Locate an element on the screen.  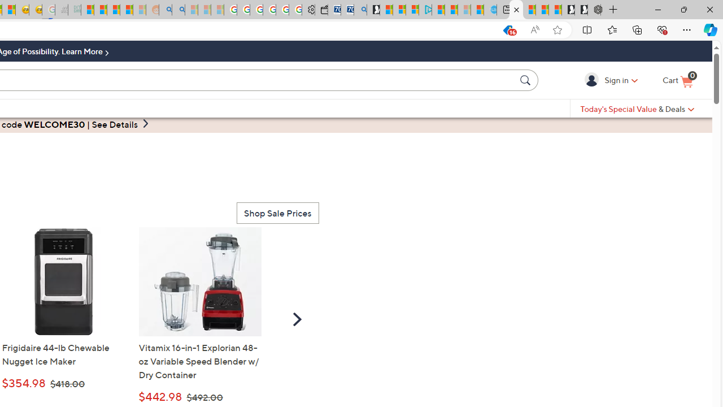
'DITOGAMES AG Imprint - Sleeping' is located at coordinates (74, 10).